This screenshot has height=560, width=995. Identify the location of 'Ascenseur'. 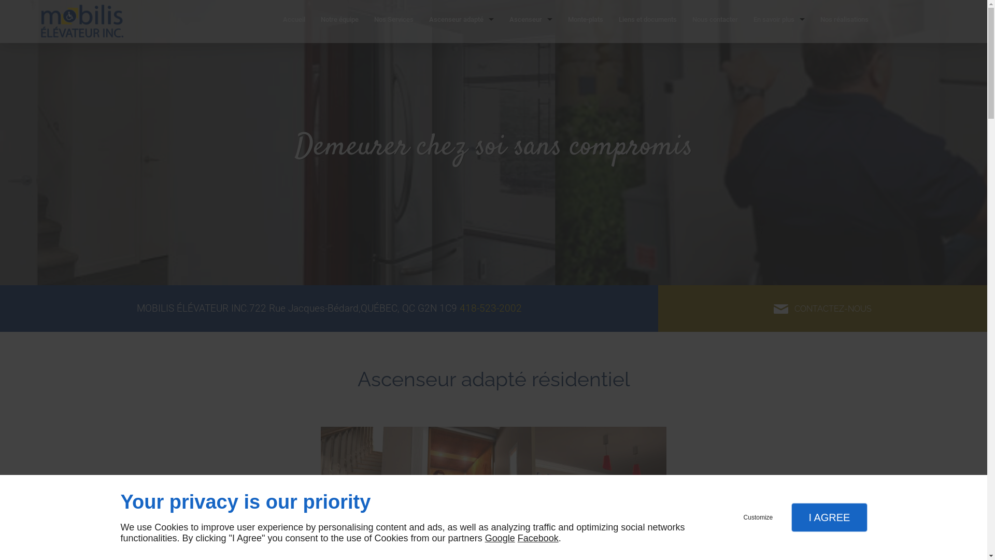
(502, 21).